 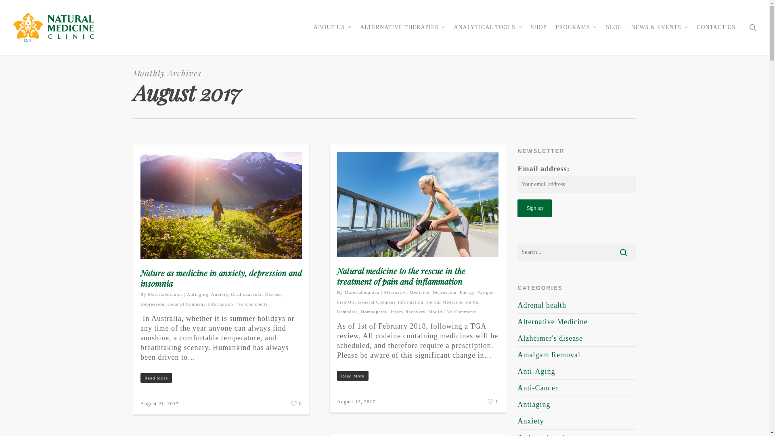 I want to click on 'Depression', so click(x=153, y=304).